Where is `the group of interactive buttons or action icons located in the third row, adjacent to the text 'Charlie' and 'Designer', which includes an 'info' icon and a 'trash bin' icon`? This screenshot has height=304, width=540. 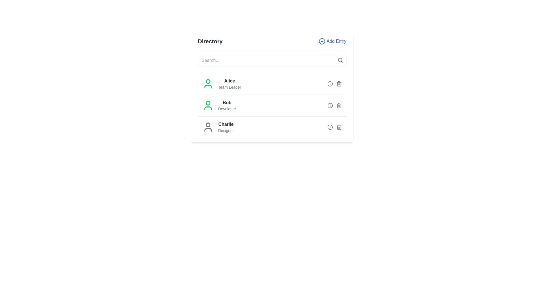 the group of interactive buttons or action icons located in the third row, adjacent to the text 'Charlie' and 'Designer', which includes an 'info' icon and a 'trash bin' icon is located at coordinates (334, 127).